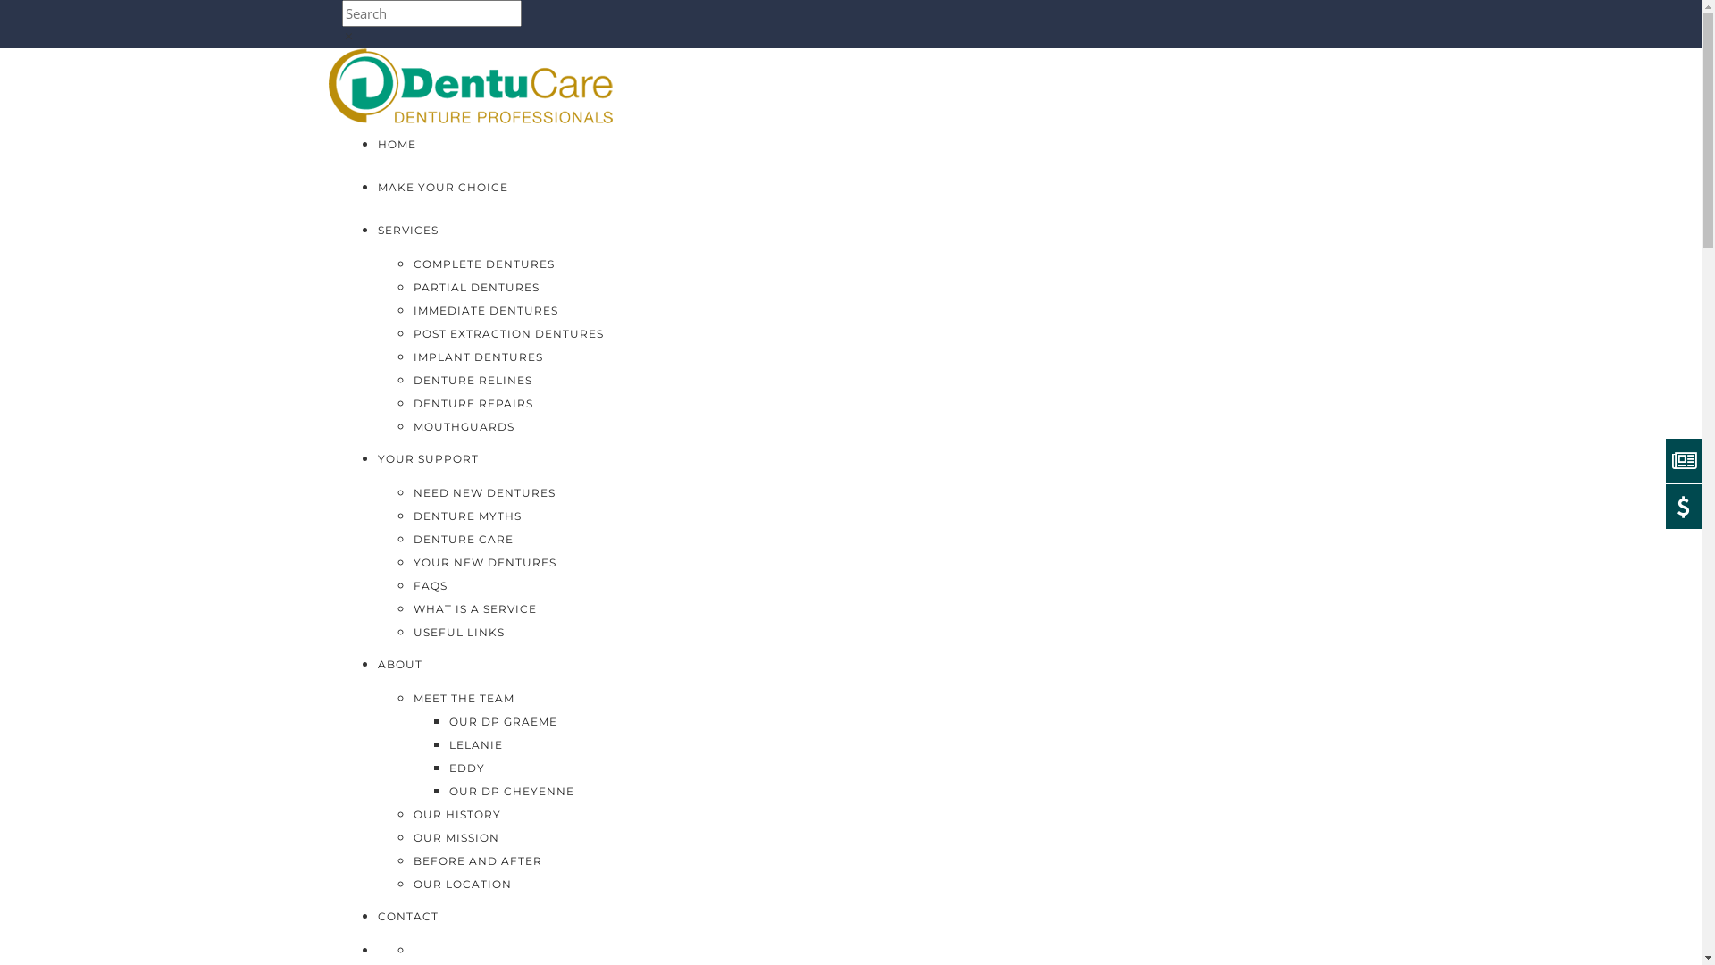 The width and height of the screenshot is (1715, 965). I want to click on 'MOUTHGUARDS', so click(463, 426).